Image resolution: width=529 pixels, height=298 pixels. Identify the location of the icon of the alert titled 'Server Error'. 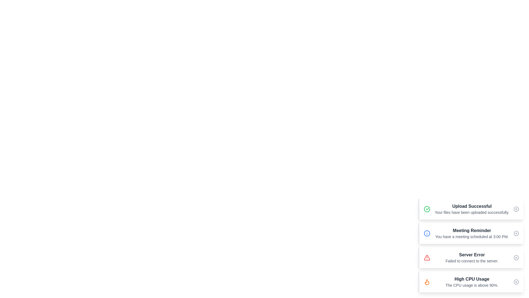
(427, 257).